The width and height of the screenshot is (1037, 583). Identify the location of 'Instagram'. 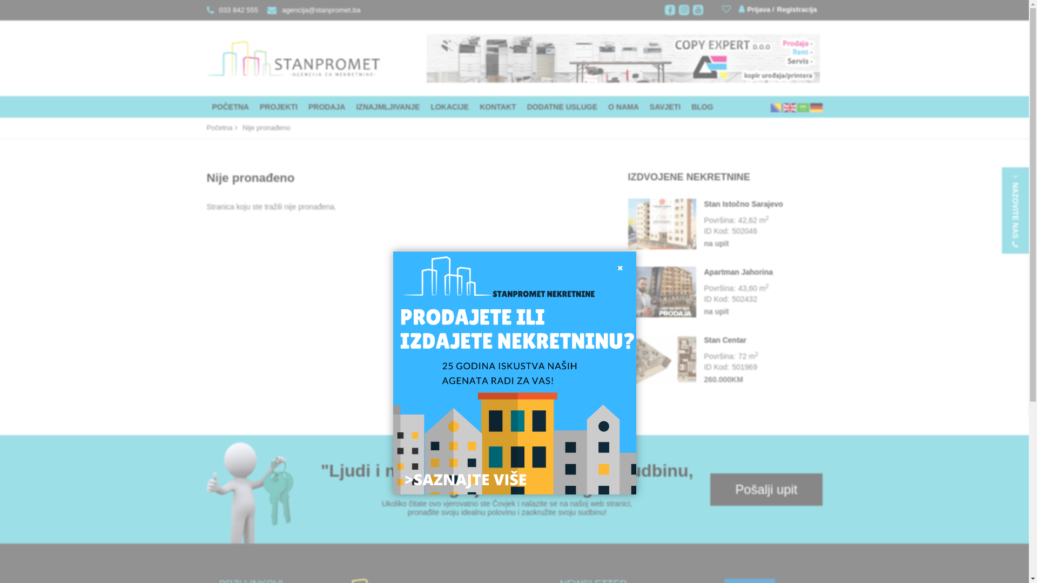
(683, 10).